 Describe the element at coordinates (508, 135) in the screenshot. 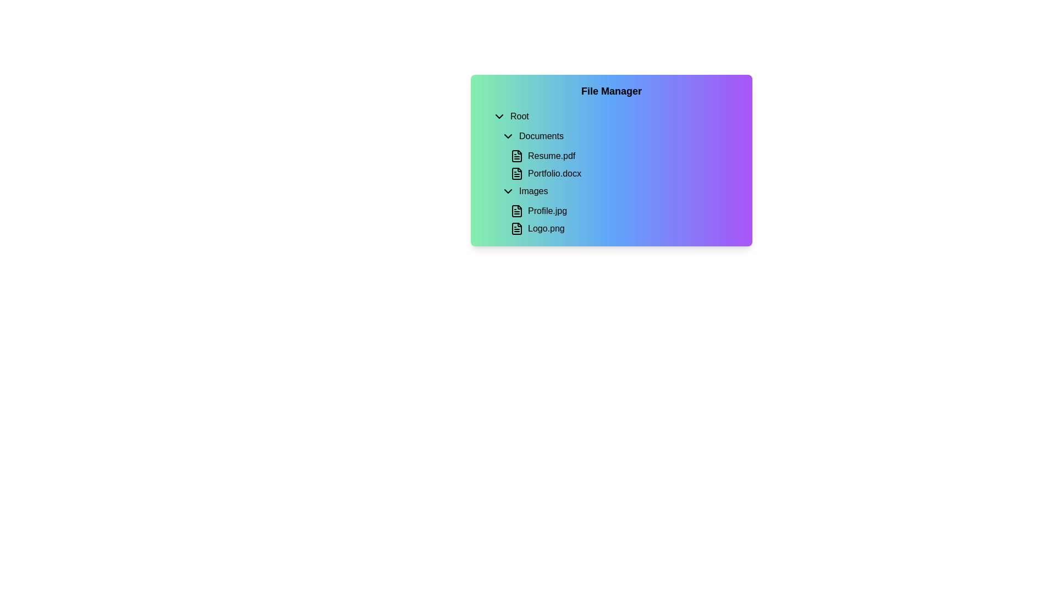

I see `the downward-facing chevron icon next to the 'Documents' text` at that location.